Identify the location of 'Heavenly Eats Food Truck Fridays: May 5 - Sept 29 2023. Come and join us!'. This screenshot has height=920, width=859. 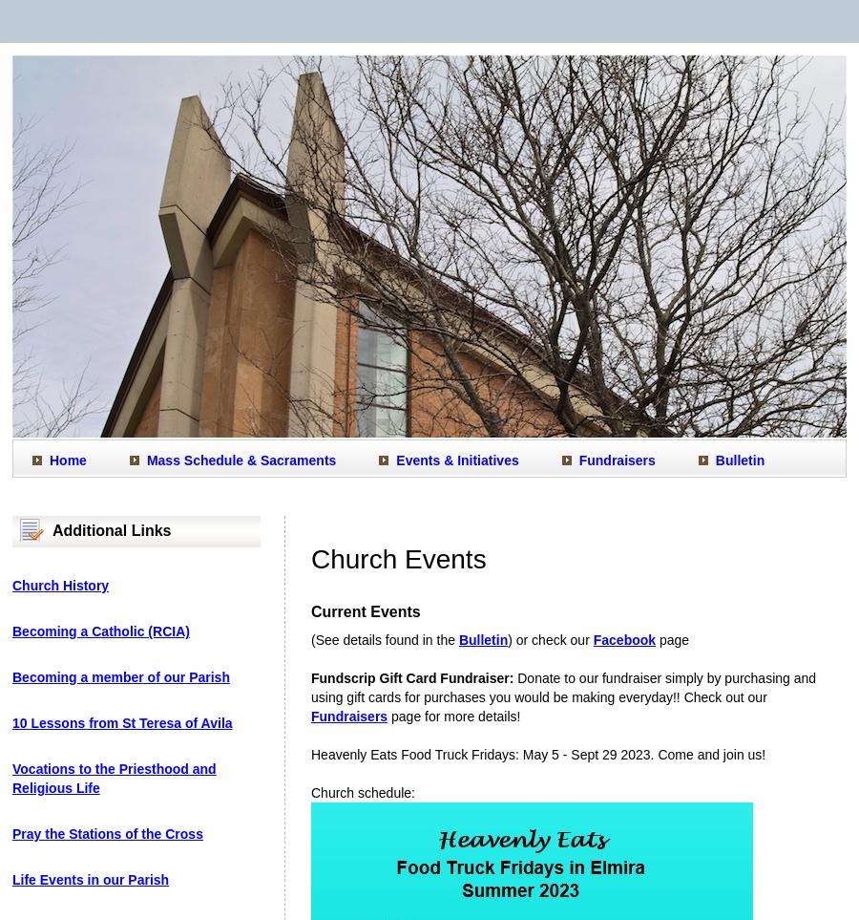
(538, 754).